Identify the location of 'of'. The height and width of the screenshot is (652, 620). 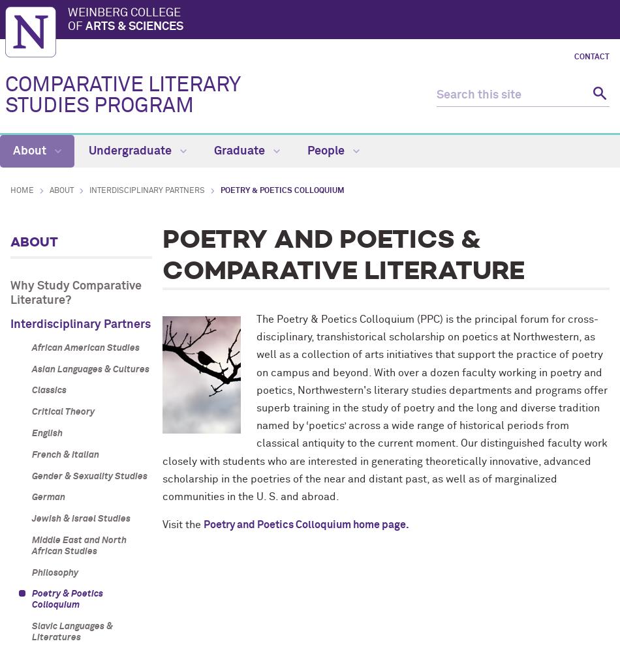
(76, 27).